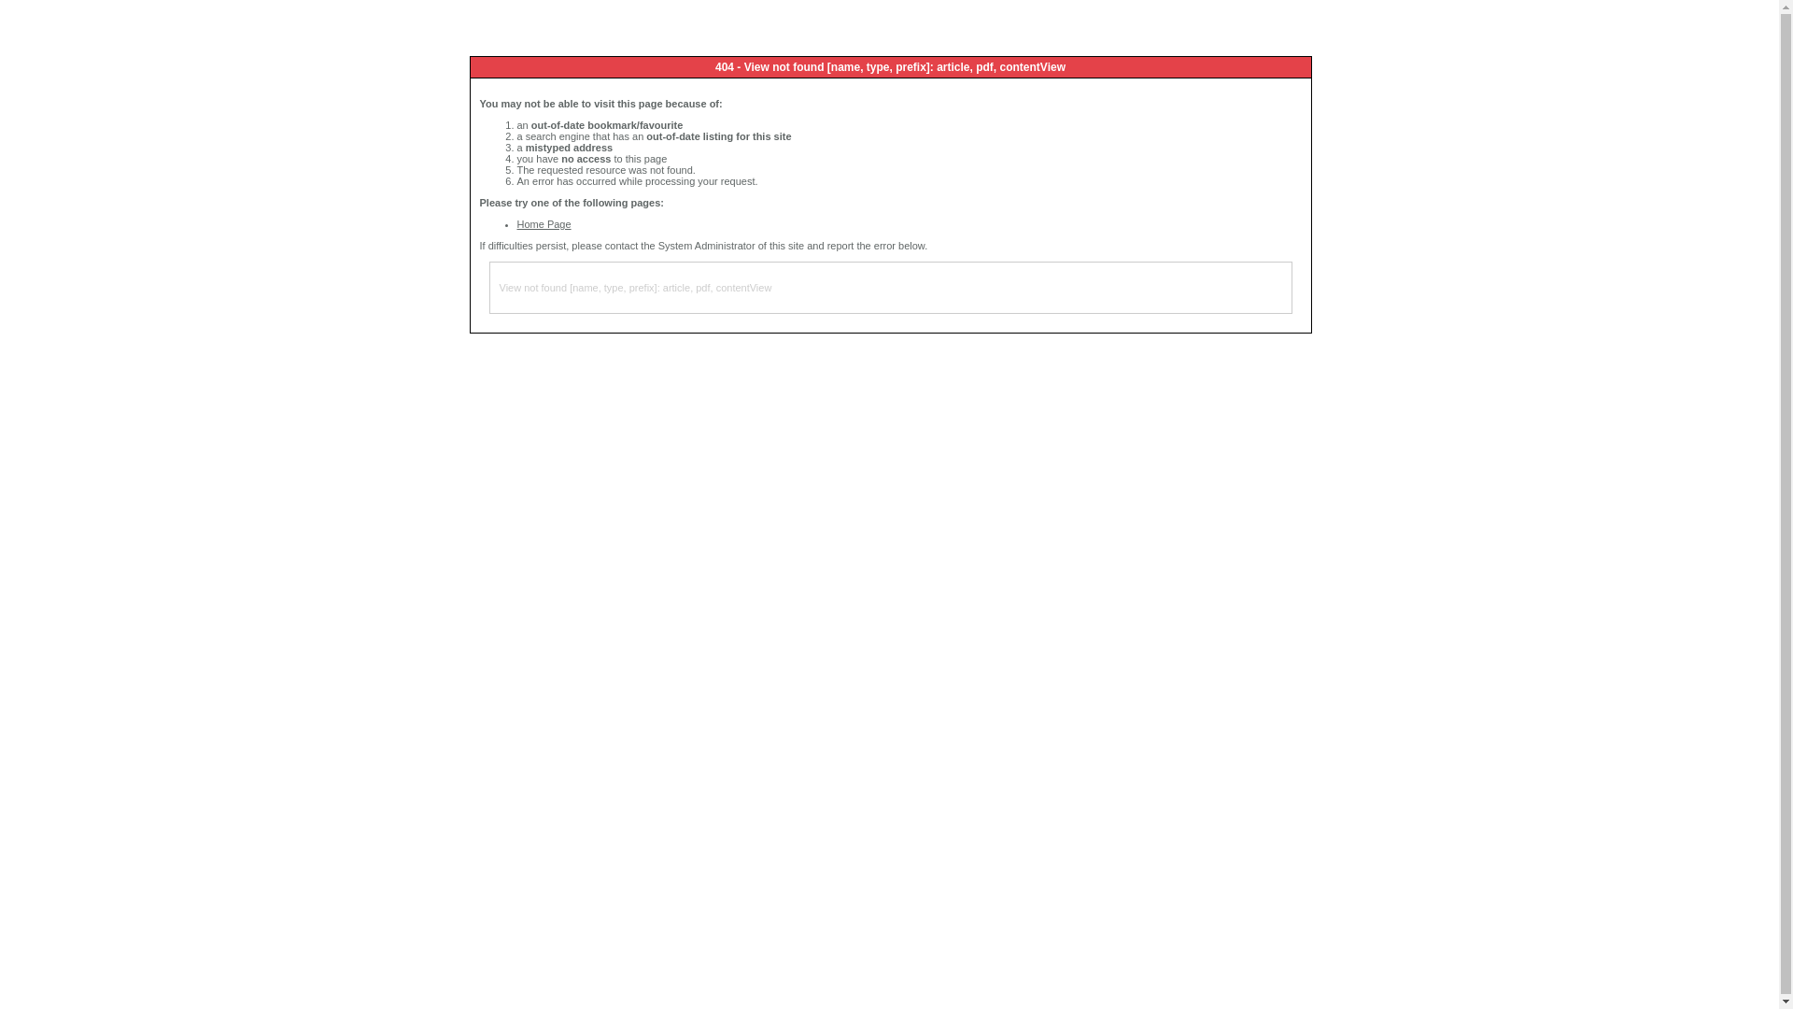  I want to click on 'Home Page', so click(543, 222).